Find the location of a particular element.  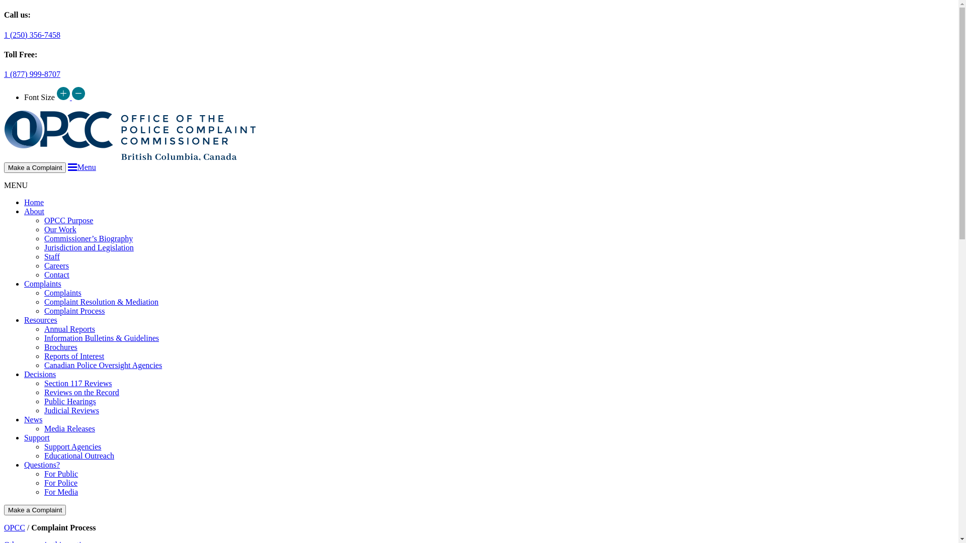

'Menu' is located at coordinates (82, 166).